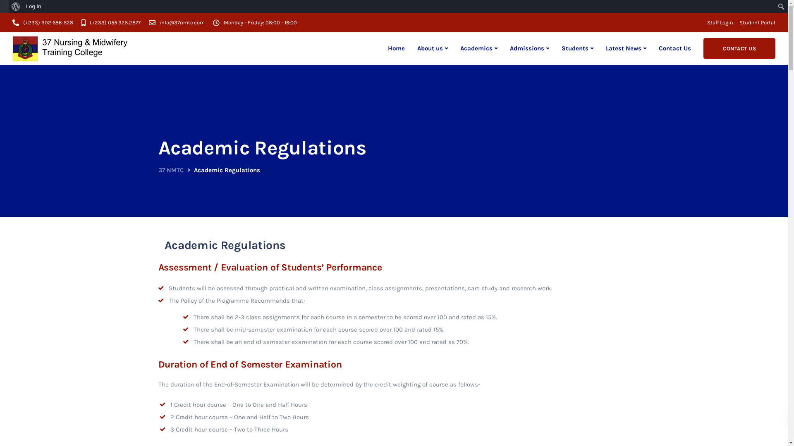 This screenshot has height=446, width=794. I want to click on 'About us', so click(432, 48).